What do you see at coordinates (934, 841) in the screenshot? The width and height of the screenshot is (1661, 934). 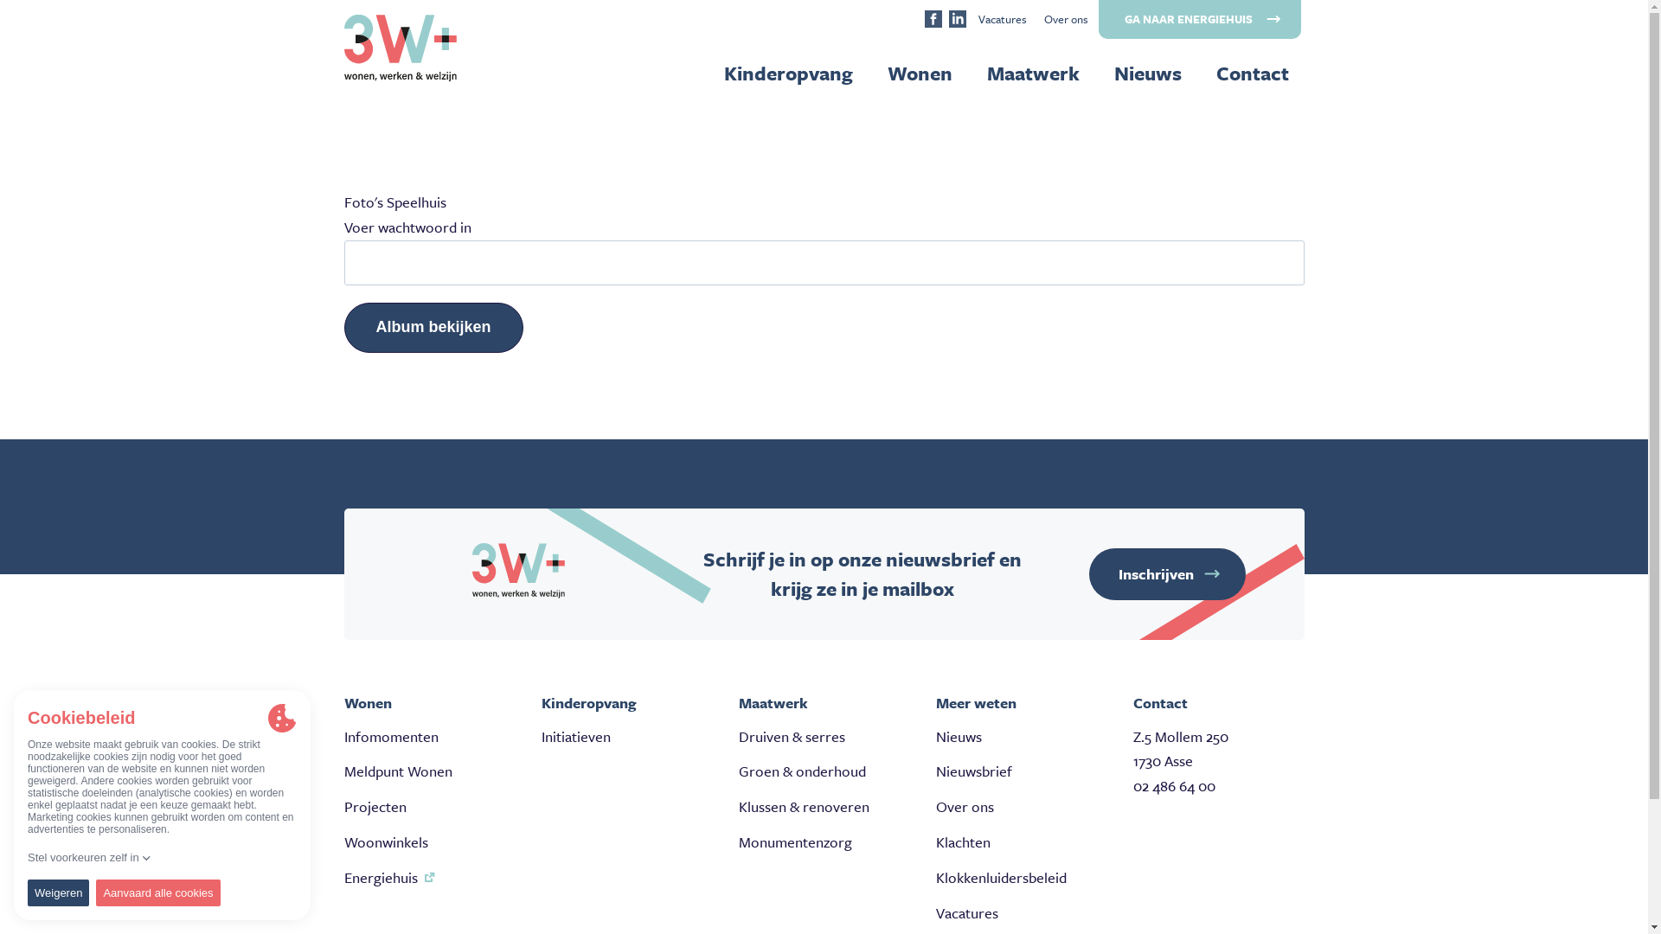 I see `'Klachten'` at bounding box center [934, 841].